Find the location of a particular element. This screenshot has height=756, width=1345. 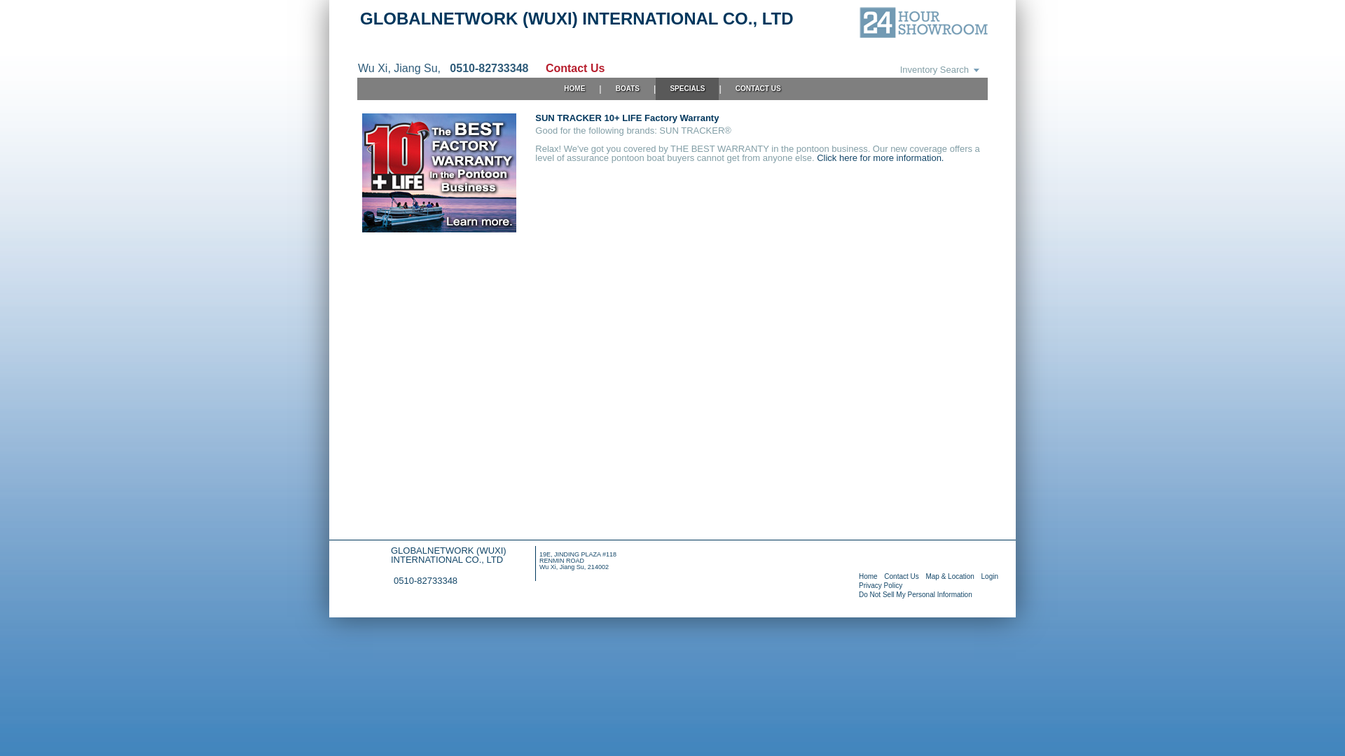

'SPECIALS' is located at coordinates (687, 89).